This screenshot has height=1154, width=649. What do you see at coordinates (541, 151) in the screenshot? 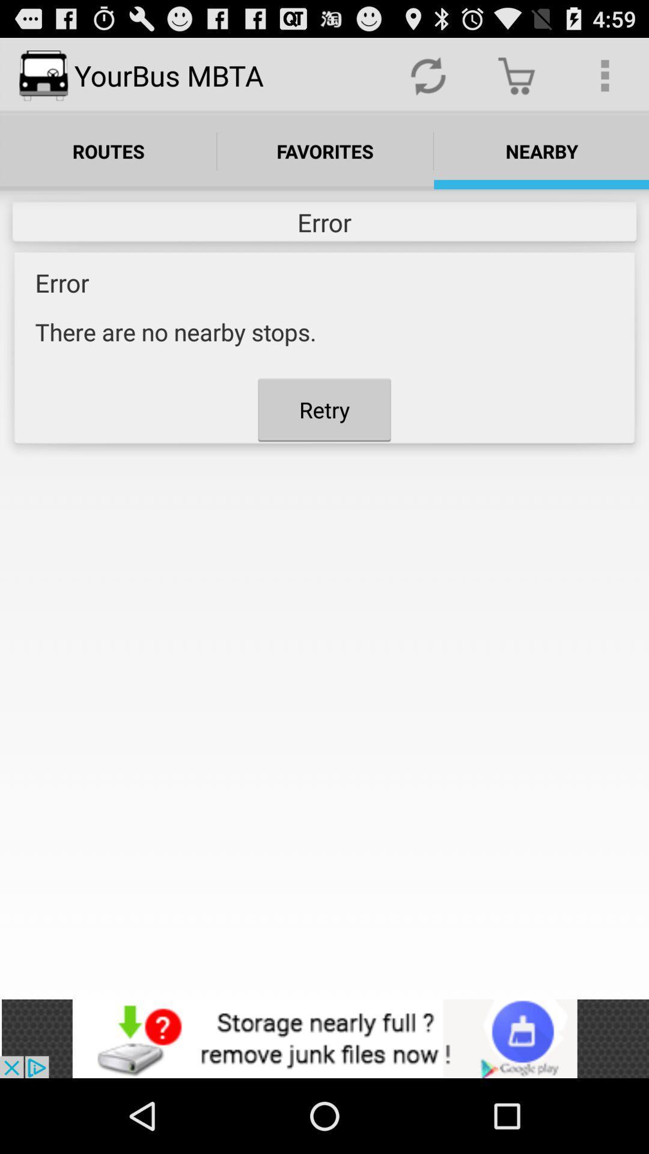
I see `text nearby` at bounding box center [541, 151].